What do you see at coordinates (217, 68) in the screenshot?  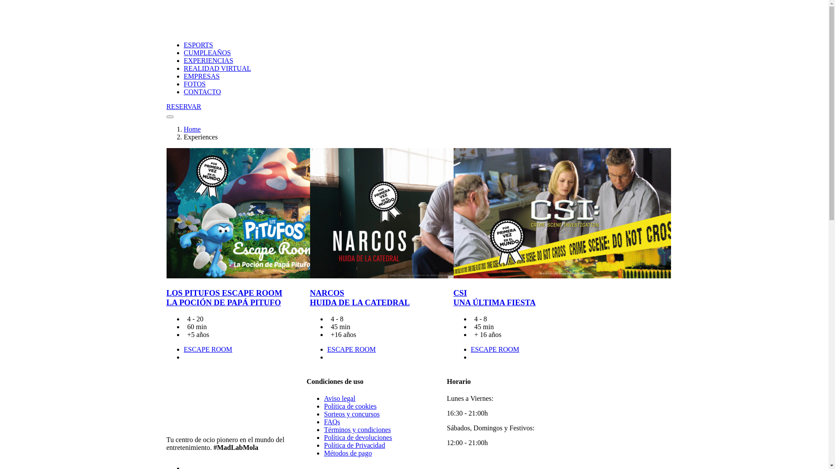 I see `'REALIDAD VIRTUAL'` at bounding box center [217, 68].